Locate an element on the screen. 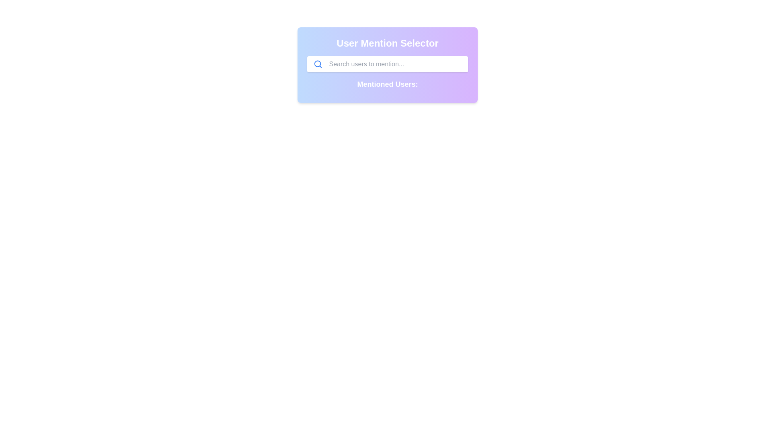  the text input field located in the center of the page under the heading 'User Mention Selector' to focus it is located at coordinates (392, 63).